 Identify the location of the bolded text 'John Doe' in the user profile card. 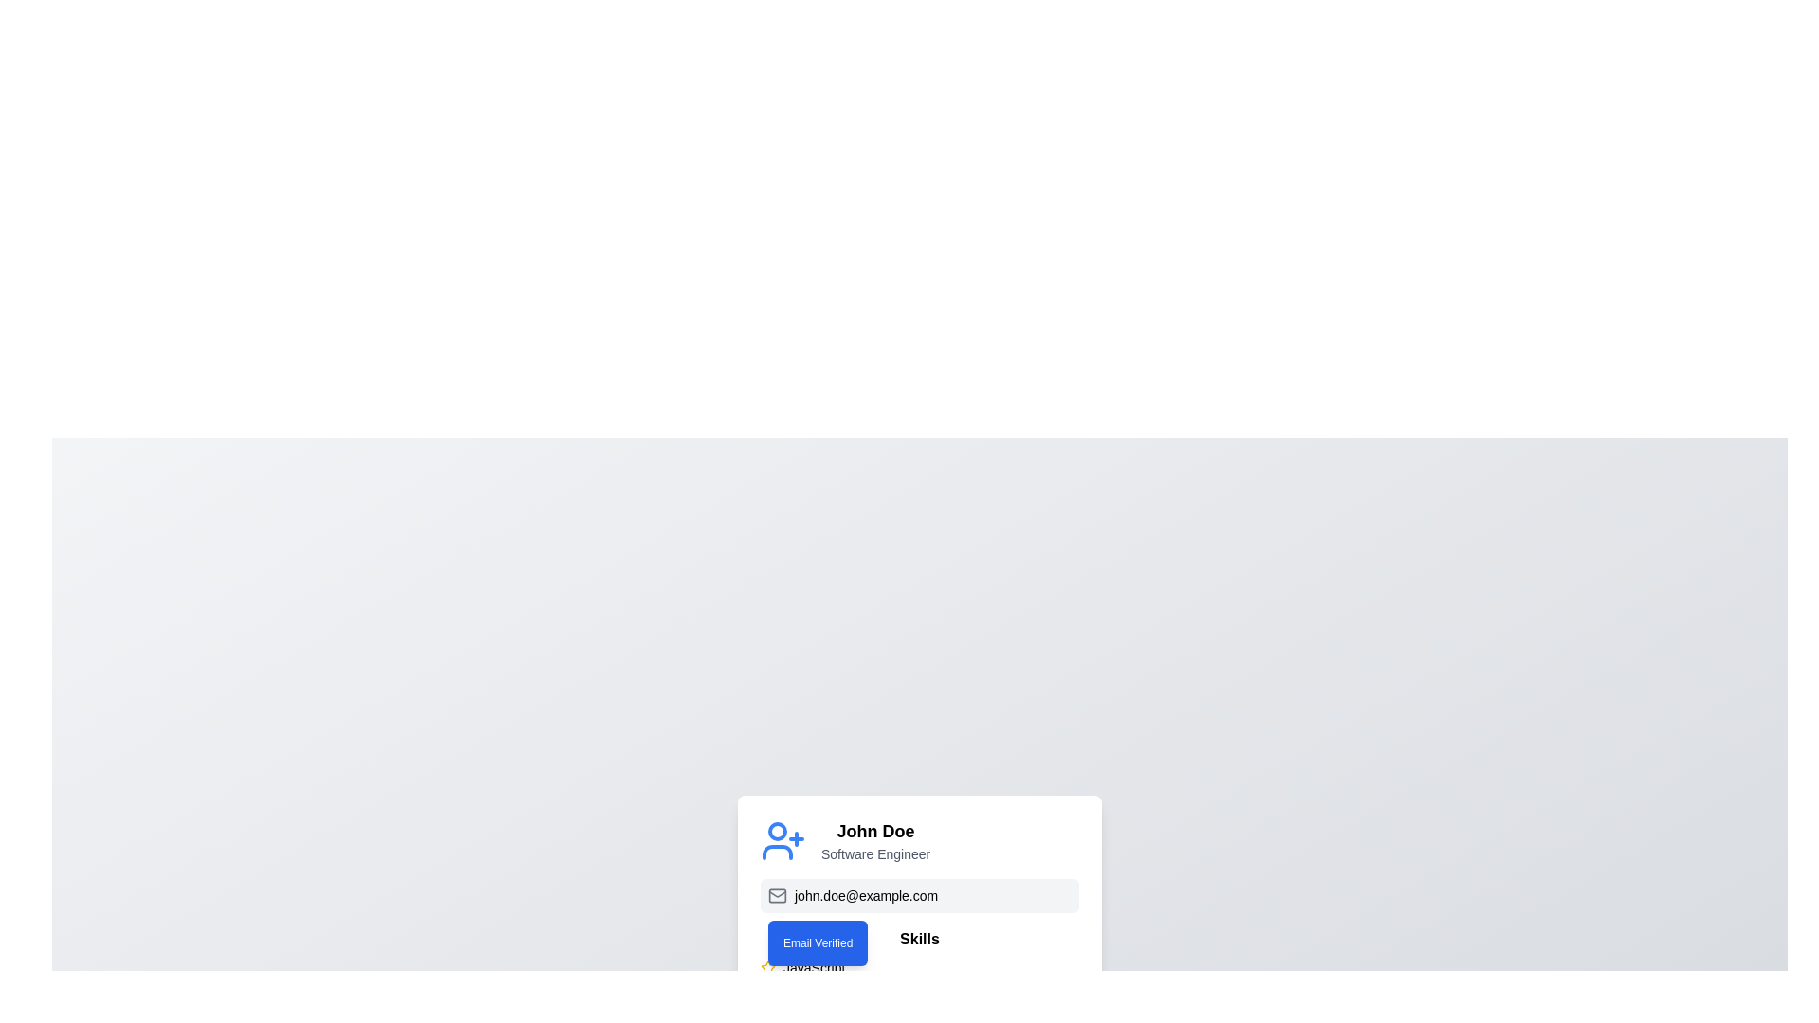
(874, 831).